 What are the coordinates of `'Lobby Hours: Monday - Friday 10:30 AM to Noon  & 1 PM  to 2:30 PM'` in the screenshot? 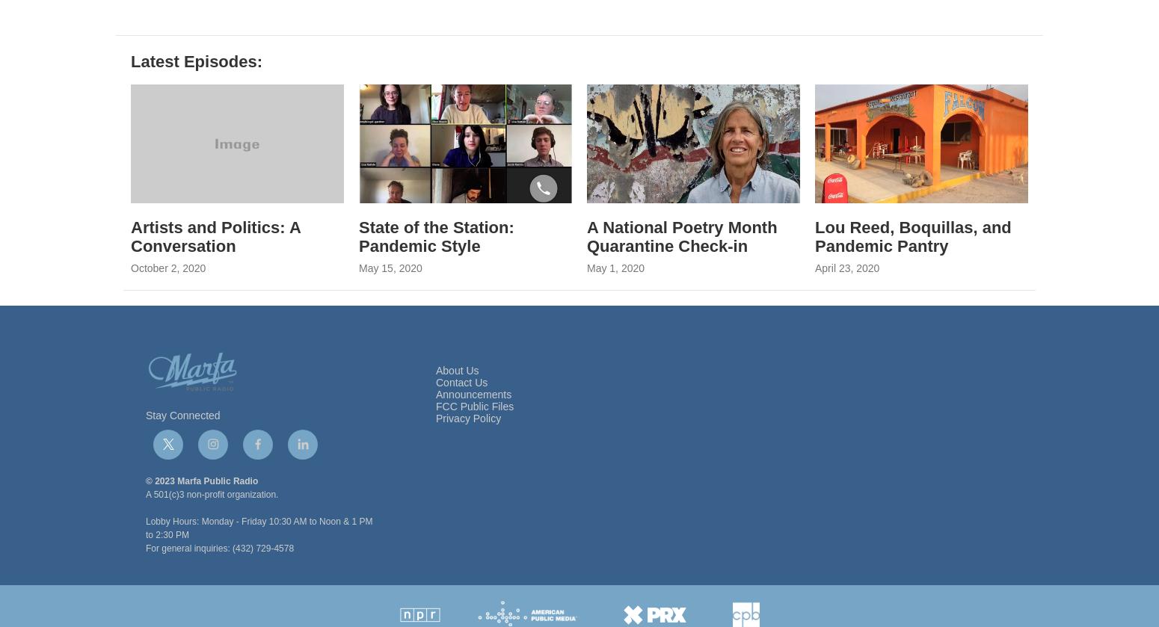 It's located at (258, 564).